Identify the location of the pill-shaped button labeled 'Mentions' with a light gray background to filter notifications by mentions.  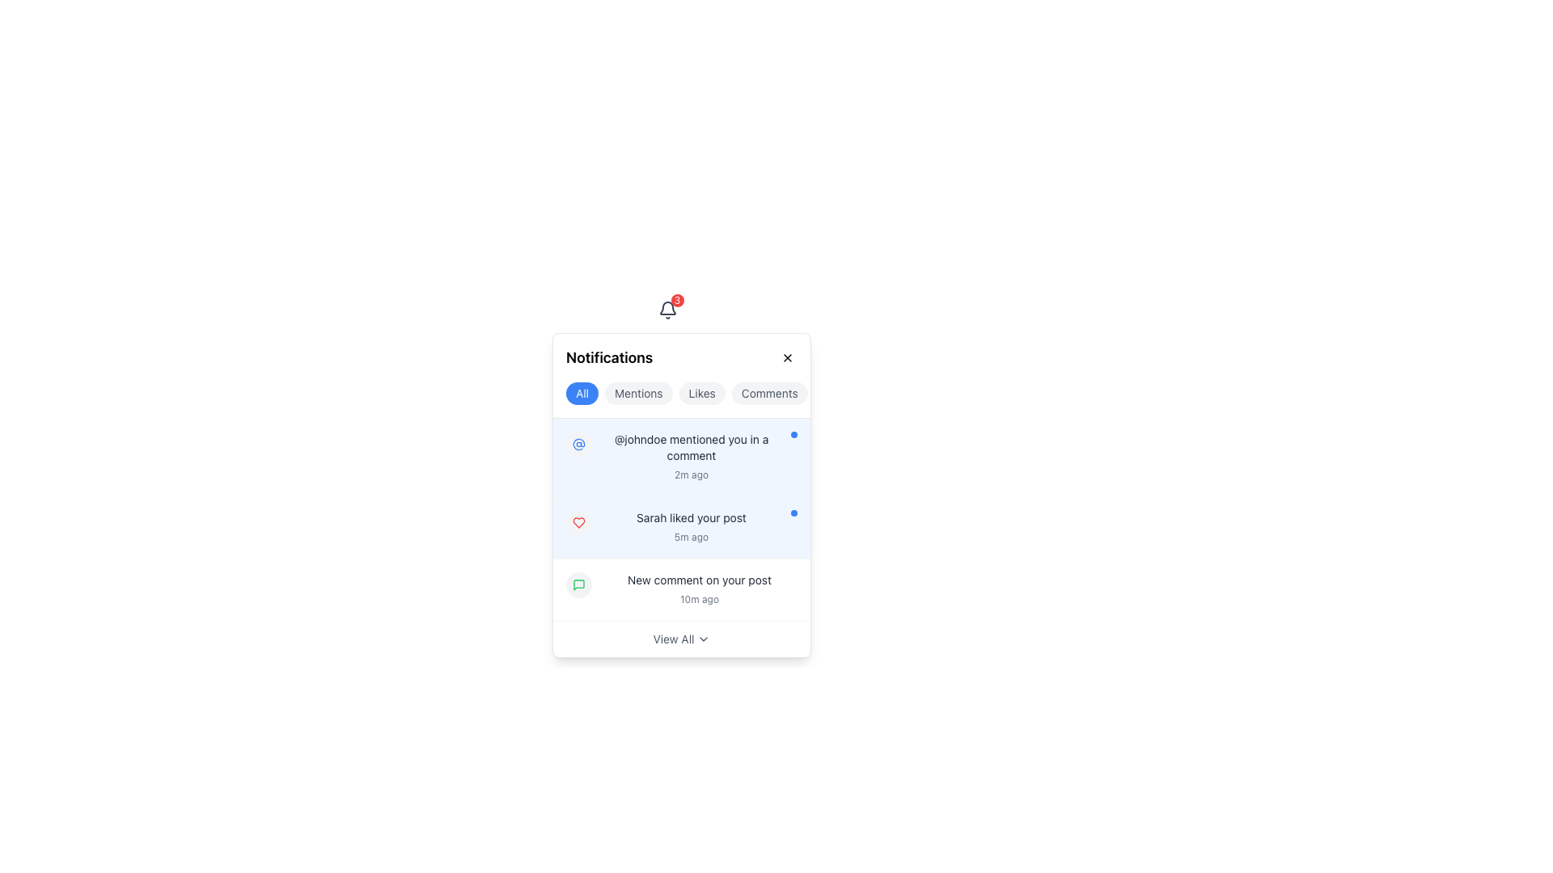
(637, 393).